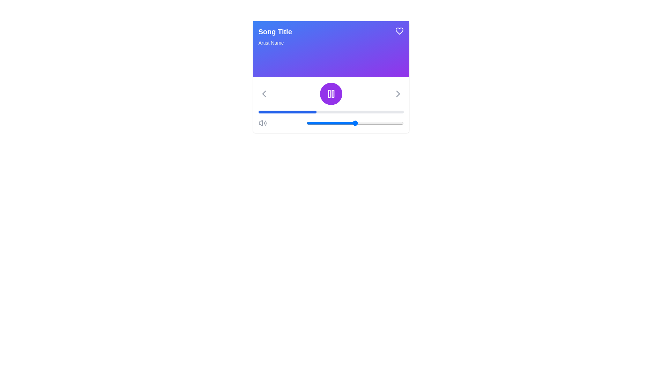  I want to click on the speaker icon, which is a light gray truncated triangle with a rounded edge, located on the left side of the bottom control bar, so click(260, 123).